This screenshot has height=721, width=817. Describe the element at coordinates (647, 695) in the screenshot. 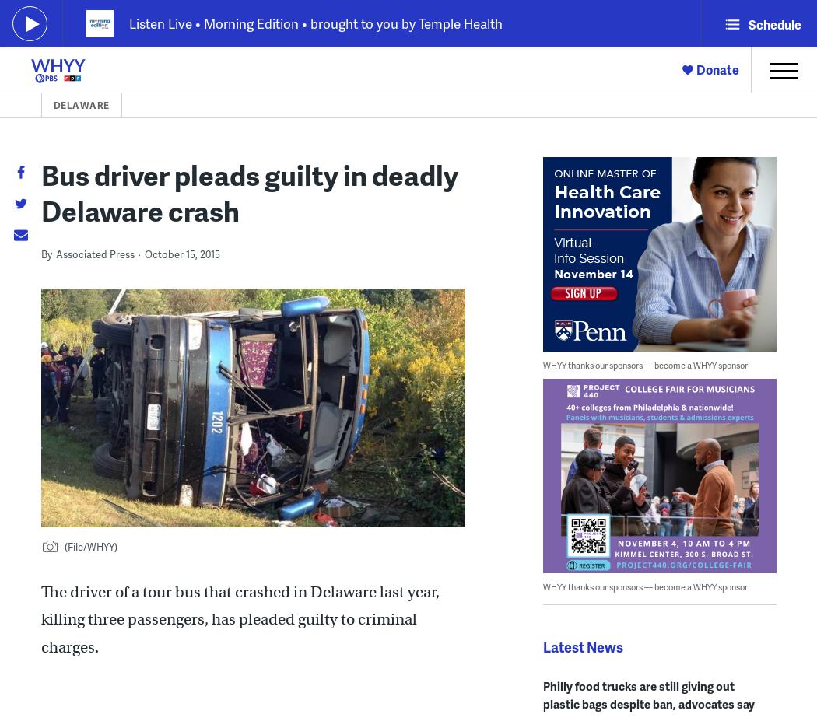

I see `'Philly food trucks are still giving out plastic bags despite ban, advocates say'` at that location.